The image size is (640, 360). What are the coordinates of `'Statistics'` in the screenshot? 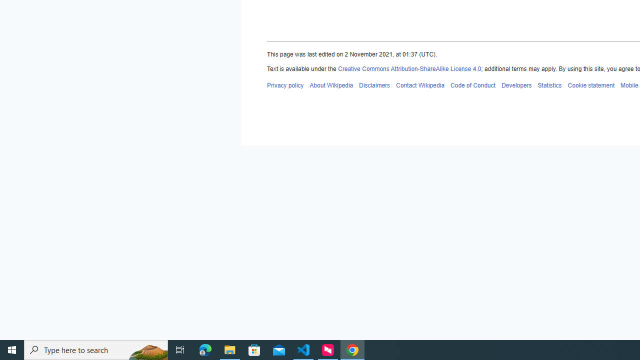 It's located at (549, 84).